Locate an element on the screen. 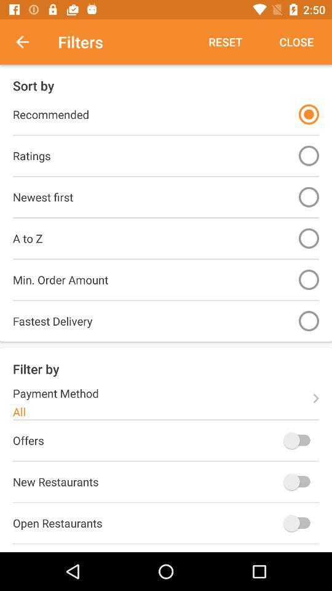 The height and width of the screenshot is (591, 332). item to the right of the recommended item is located at coordinates (308, 115).